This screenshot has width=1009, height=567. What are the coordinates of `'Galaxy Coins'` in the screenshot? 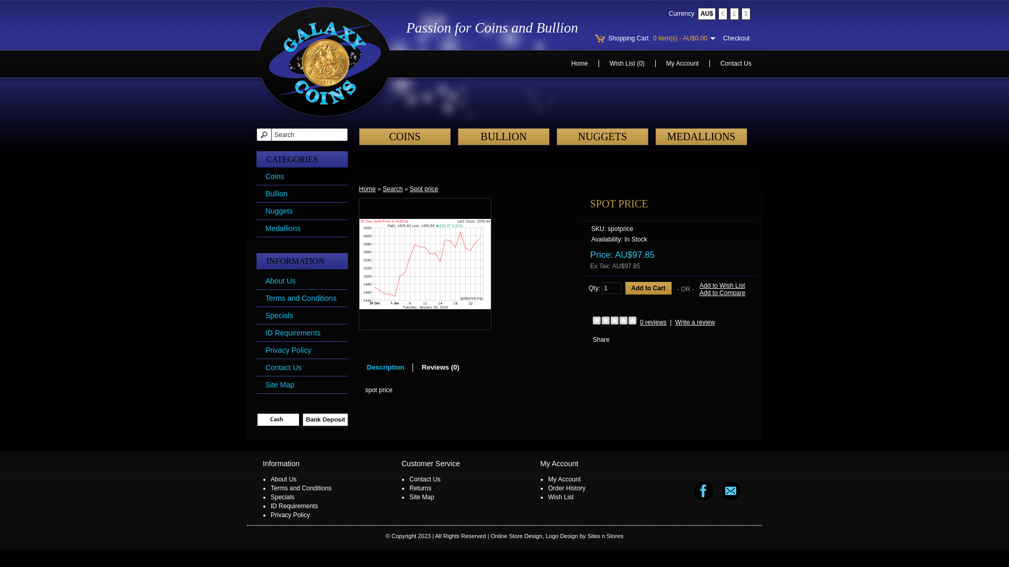 It's located at (324, 63).